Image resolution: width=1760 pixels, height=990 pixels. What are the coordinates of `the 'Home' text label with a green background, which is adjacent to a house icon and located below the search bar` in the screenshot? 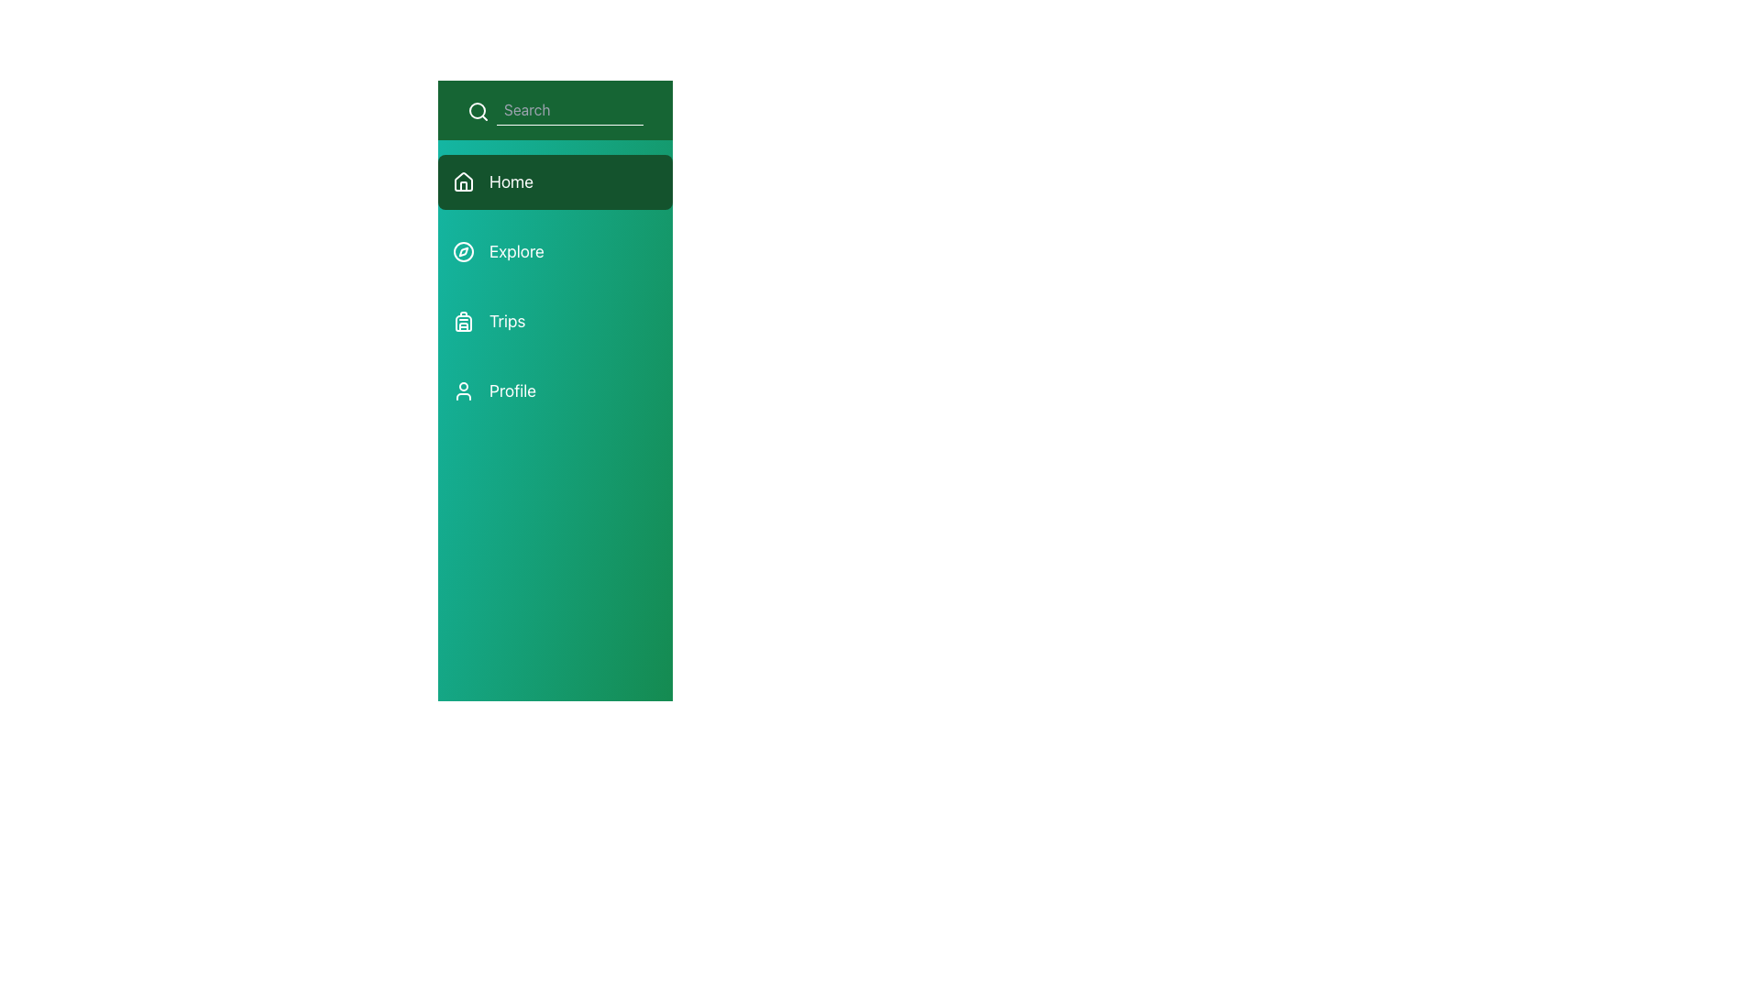 It's located at (511, 182).